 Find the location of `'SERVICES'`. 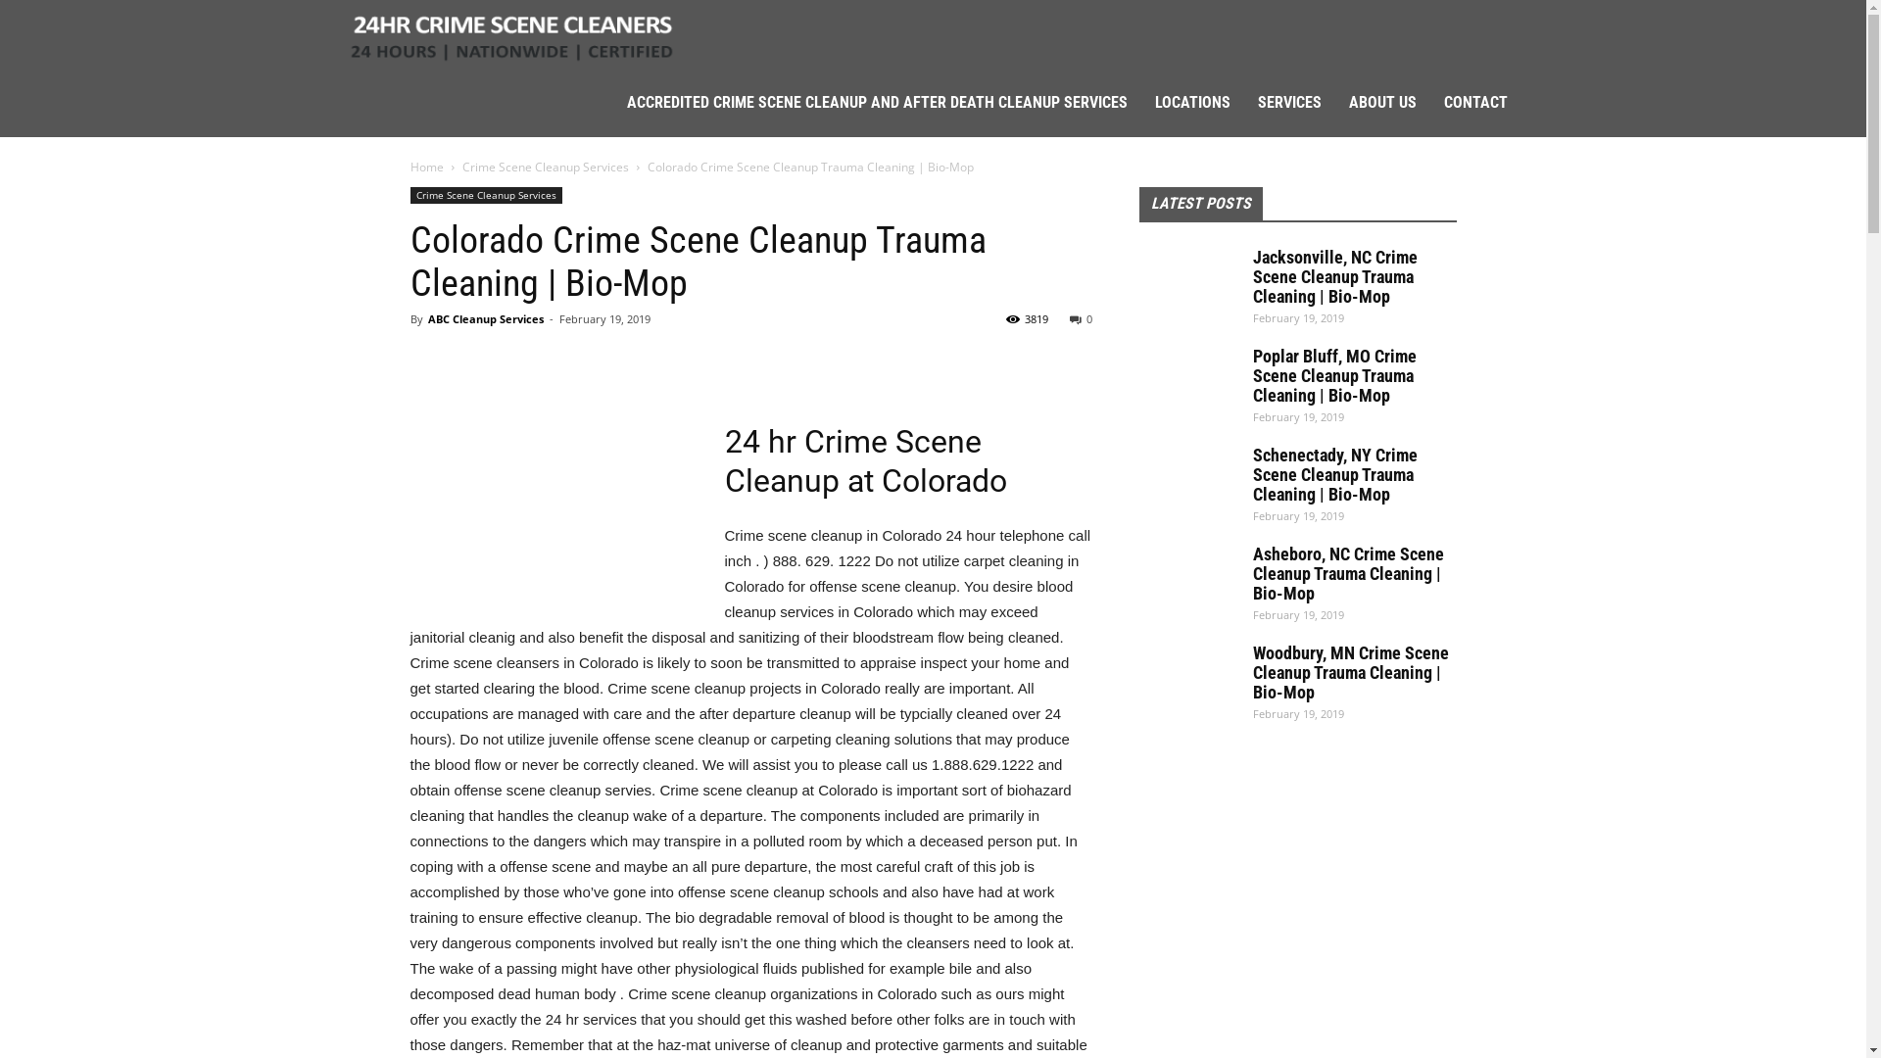

'SERVICES' is located at coordinates (1289, 102).